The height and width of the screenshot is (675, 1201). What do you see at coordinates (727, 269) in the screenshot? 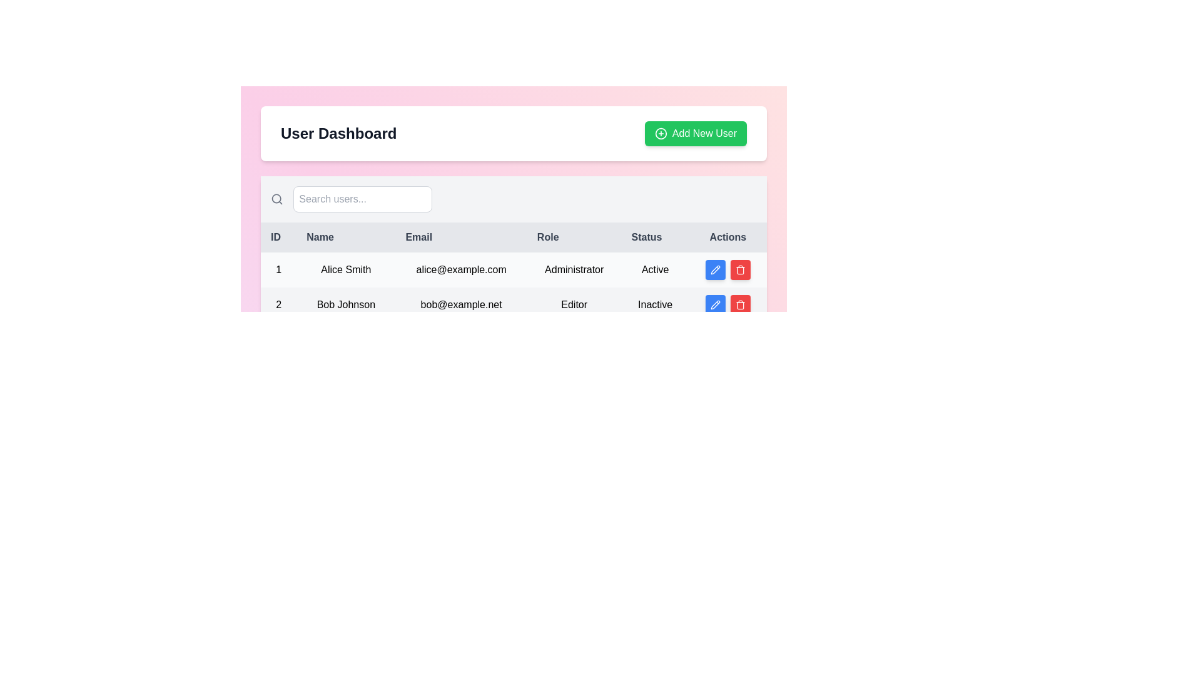
I see `the buttons in the 'Actions' column of the first row corresponding to user 'Alice Smith'` at bounding box center [727, 269].